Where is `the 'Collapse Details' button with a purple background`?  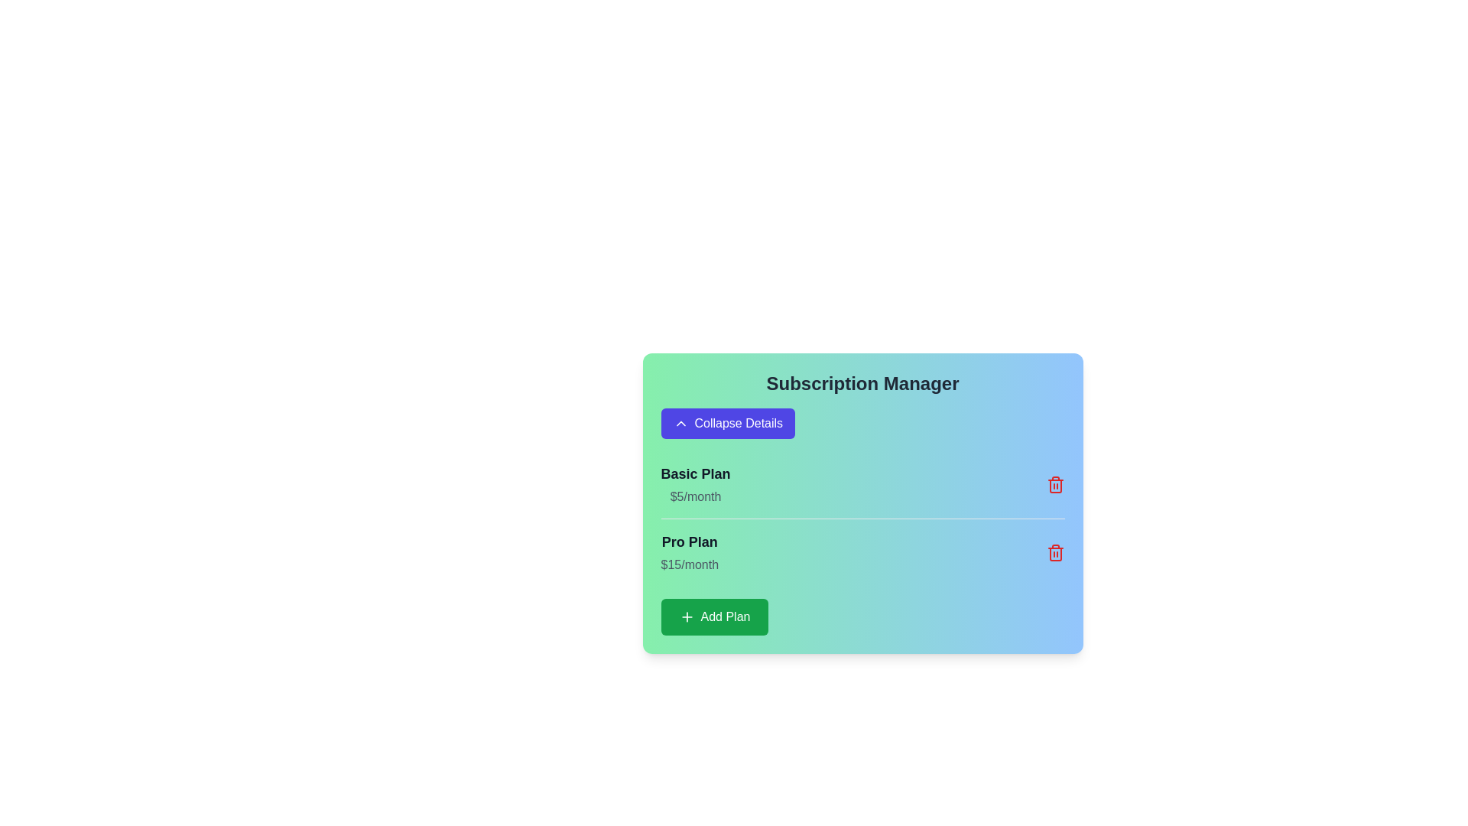
the 'Collapse Details' button with a purple background is located at coordinates (727, 424).